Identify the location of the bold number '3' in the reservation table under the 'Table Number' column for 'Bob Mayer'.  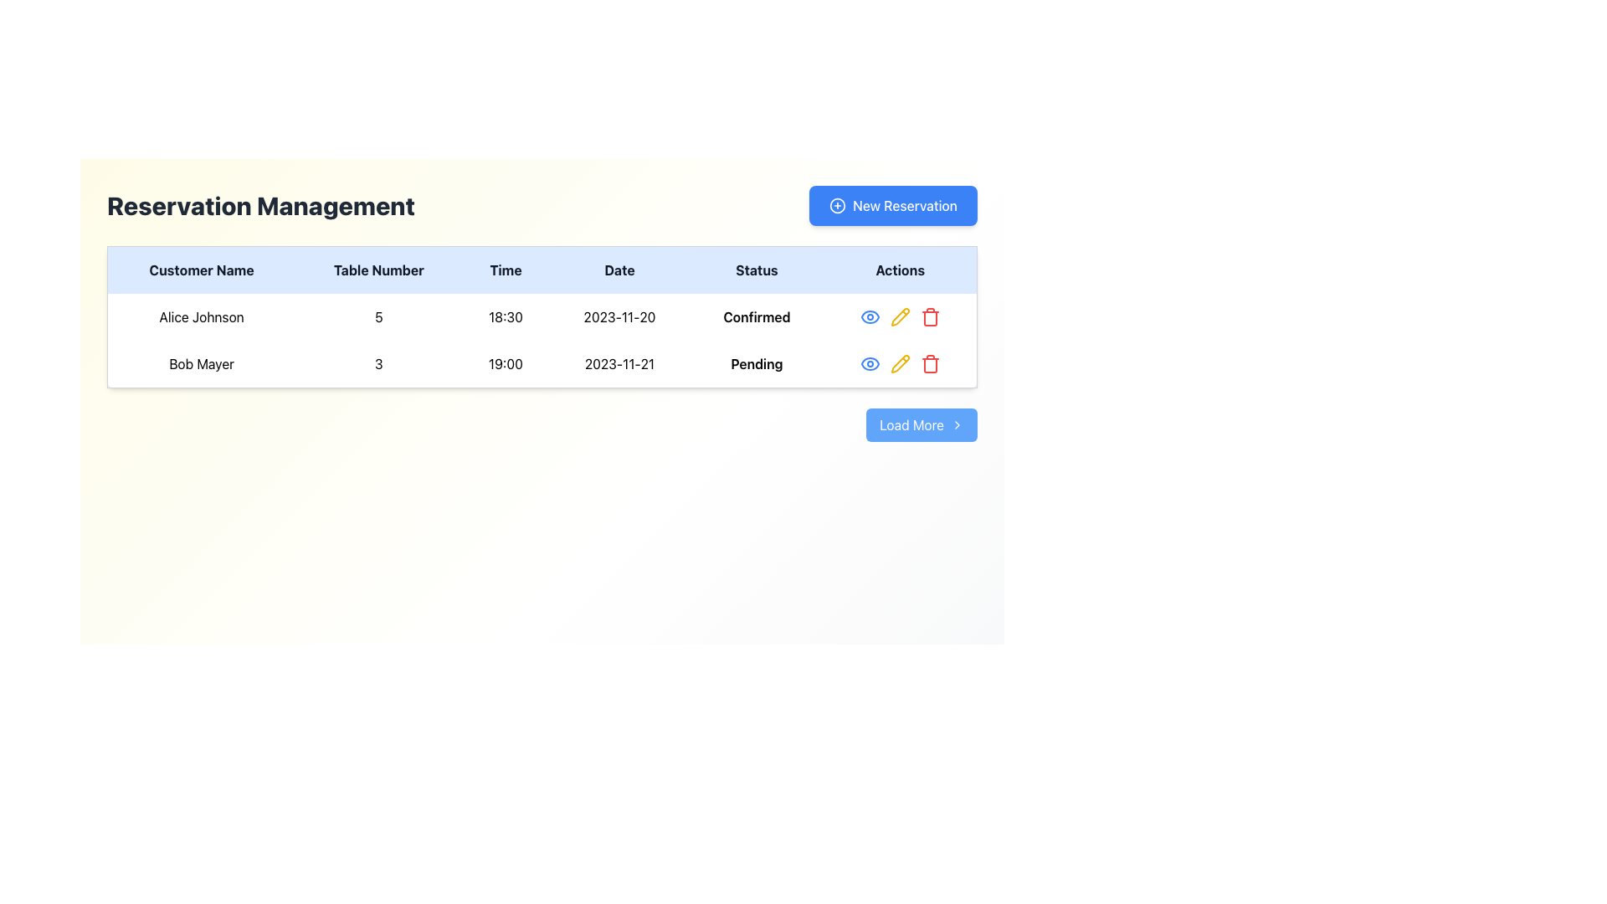
(377, 363).